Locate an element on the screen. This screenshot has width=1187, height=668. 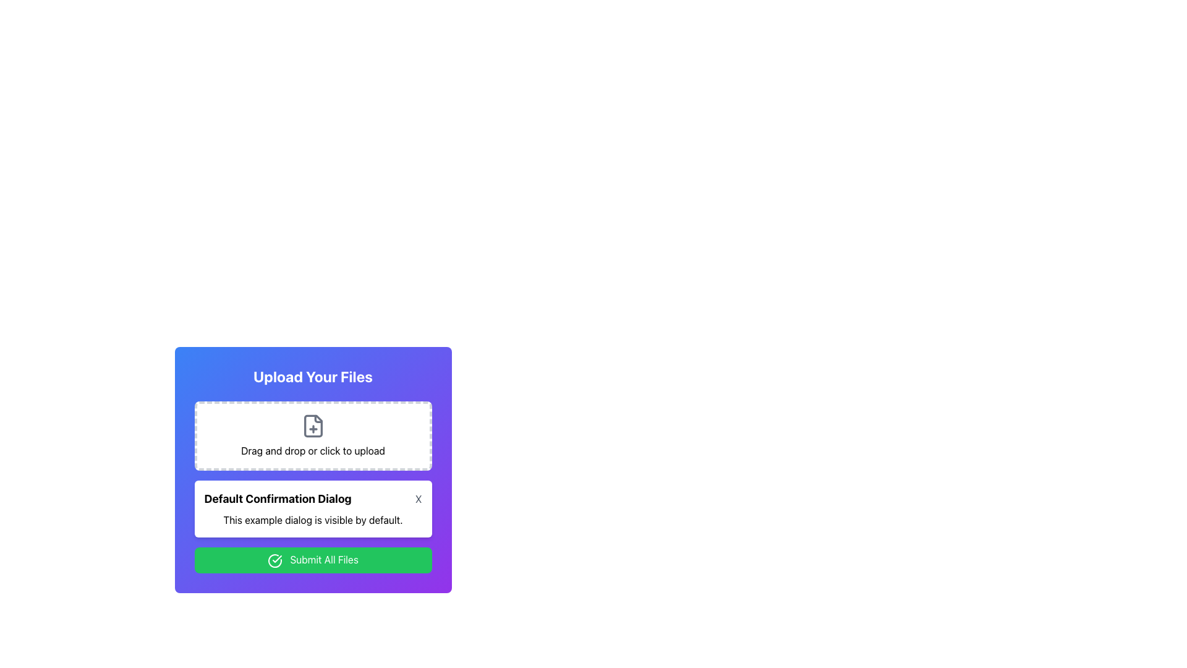
the dialog box that provides information or feedback to the user, located at the center of the interface, below the 'Drag and drop or click to upload' section and above the 'Submit All Files' button is located at coordinates (313, 508).